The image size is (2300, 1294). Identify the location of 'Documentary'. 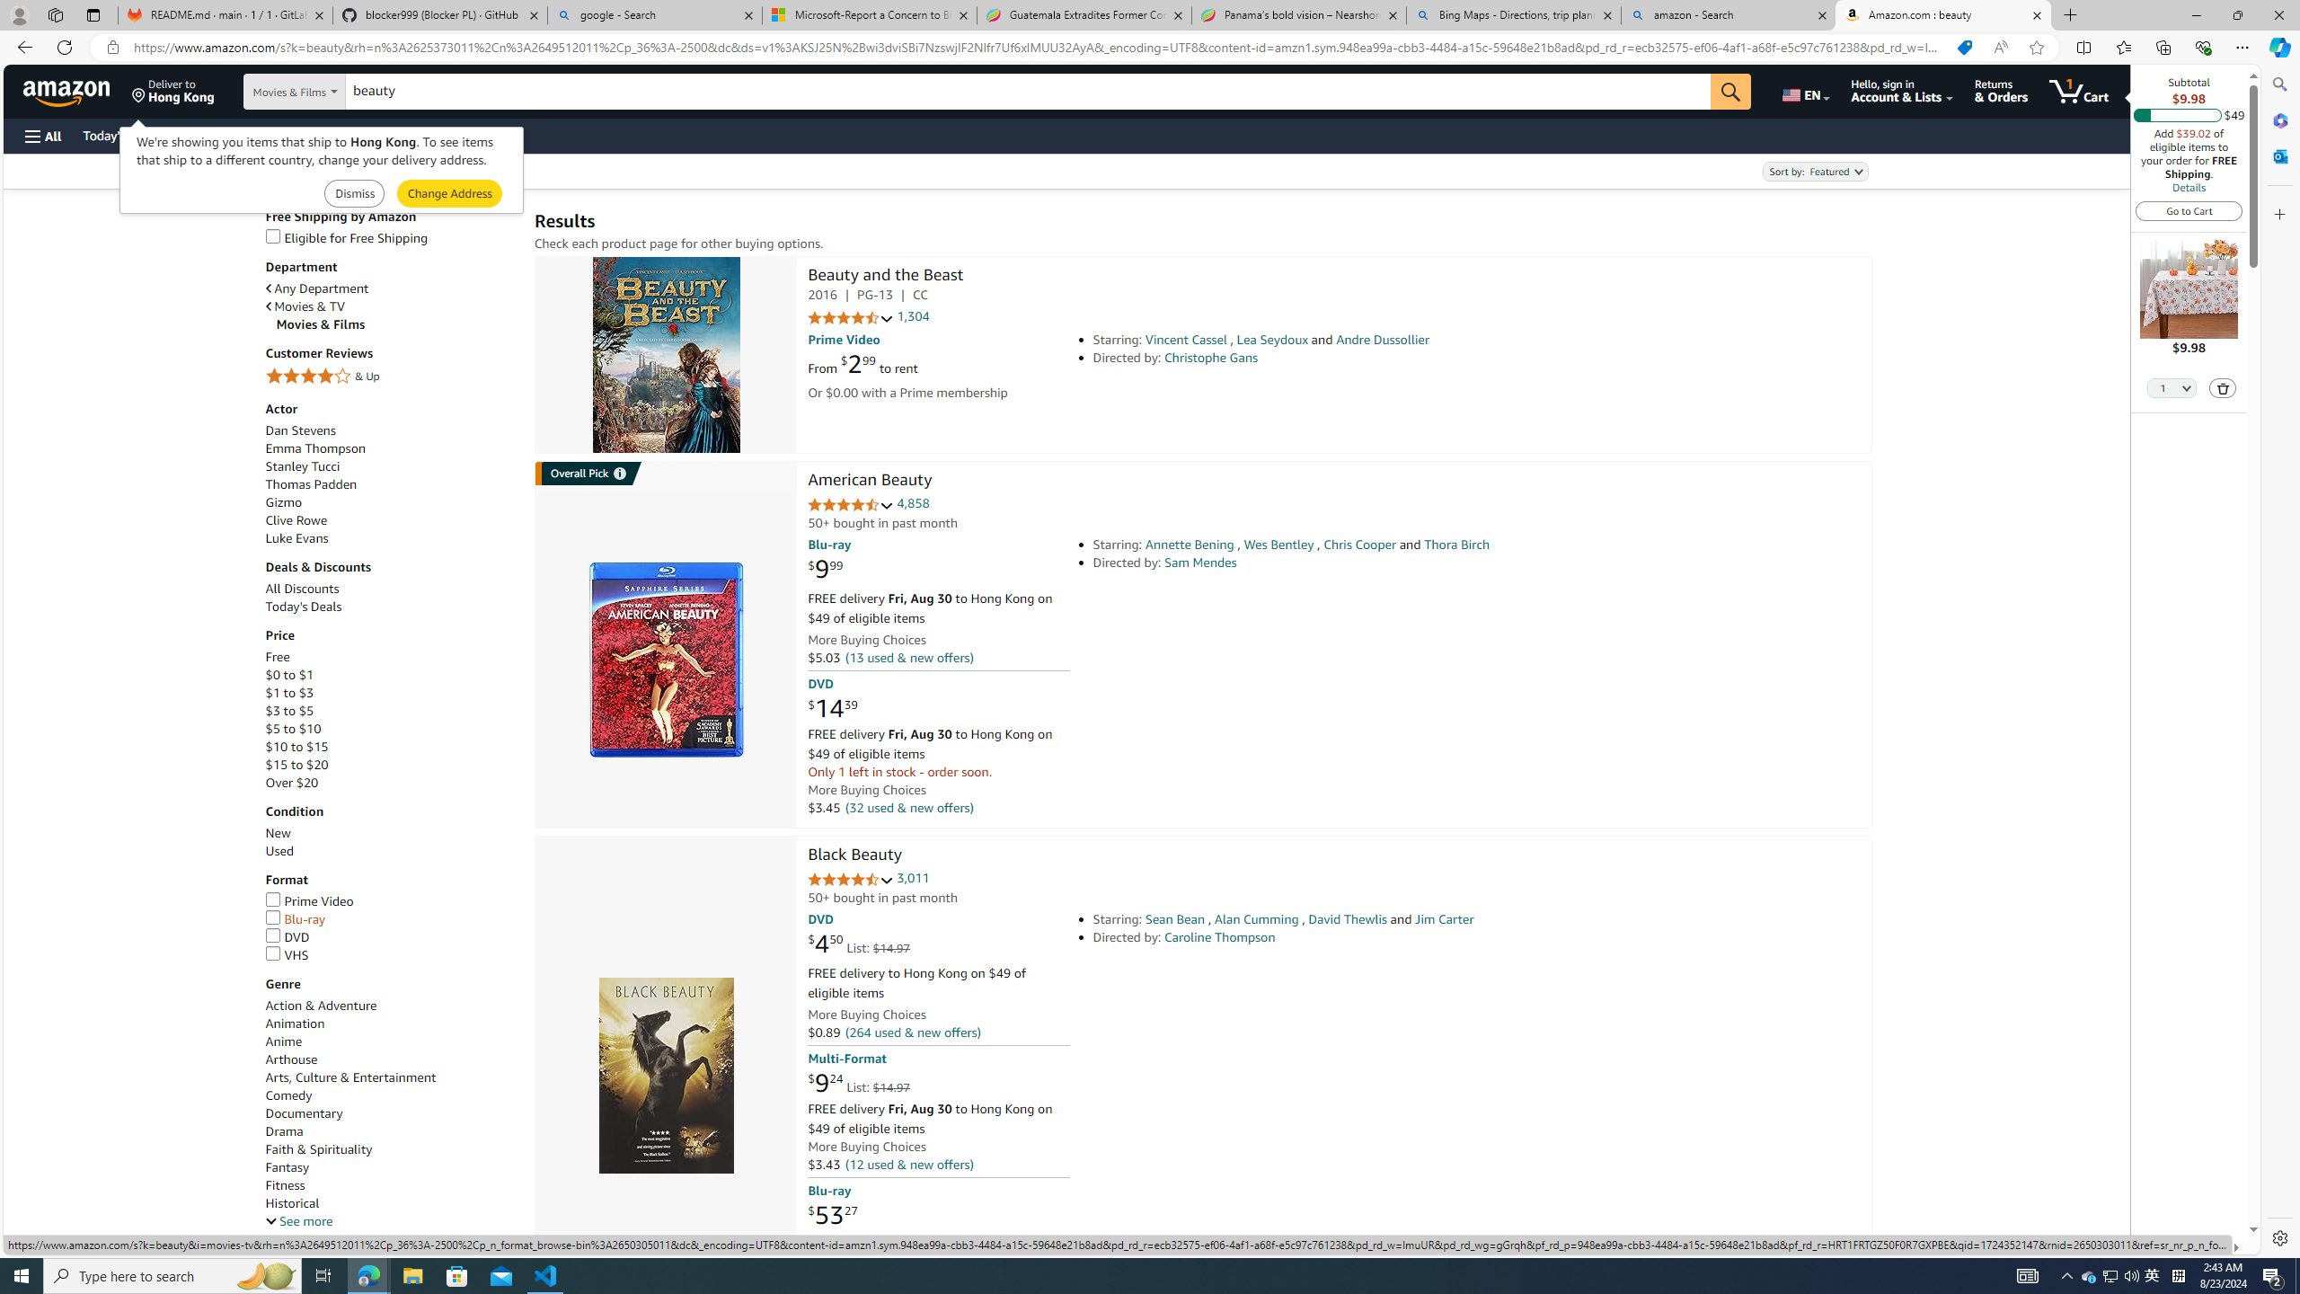
(391, 1112).